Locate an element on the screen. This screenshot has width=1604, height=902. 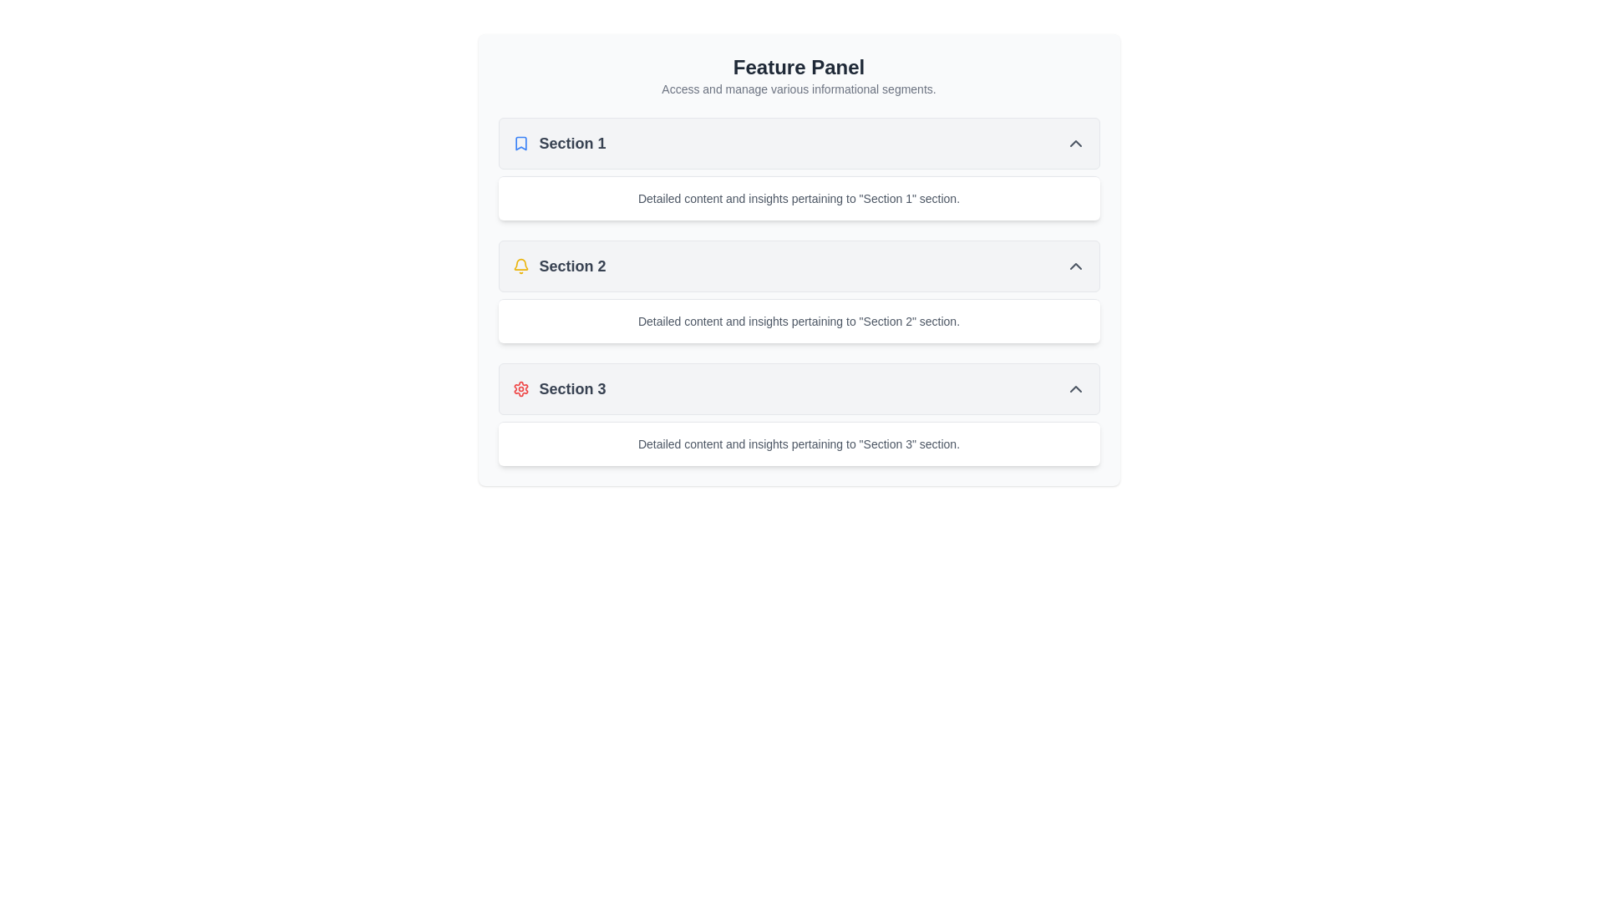
the descriptive text block that provides information about 'Section 1', which is centrally located beneath the heading 'Section 1' in the feature panel is located at coordinates (798, 198).